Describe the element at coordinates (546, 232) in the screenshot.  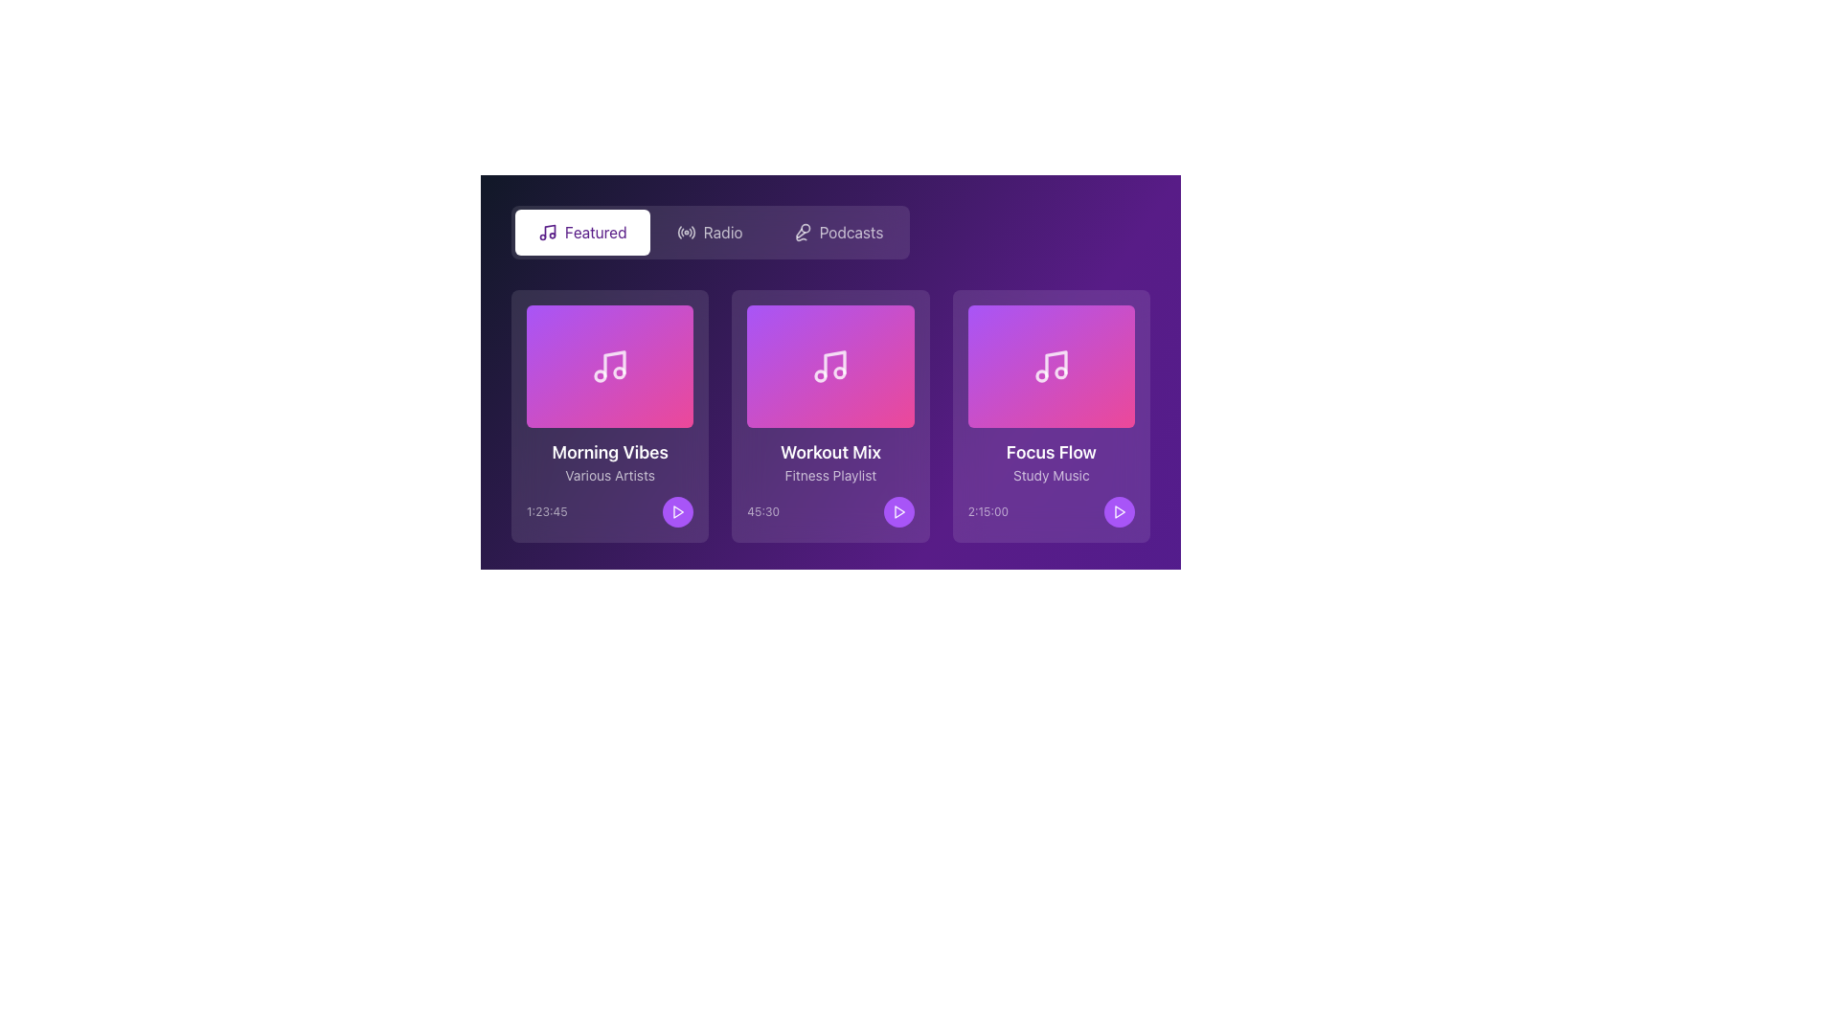
I see `the small purple music note-shaped icon inside the button labeled 'Featured', which is located in the upper left corner of the interface` at that location.